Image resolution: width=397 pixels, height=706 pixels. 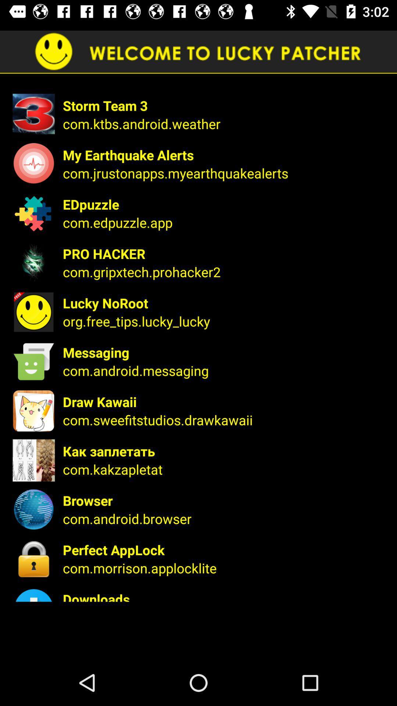 I want to click on the app above com.sweefitstudios.drawkawaii icon, so click(x=225, y=401).